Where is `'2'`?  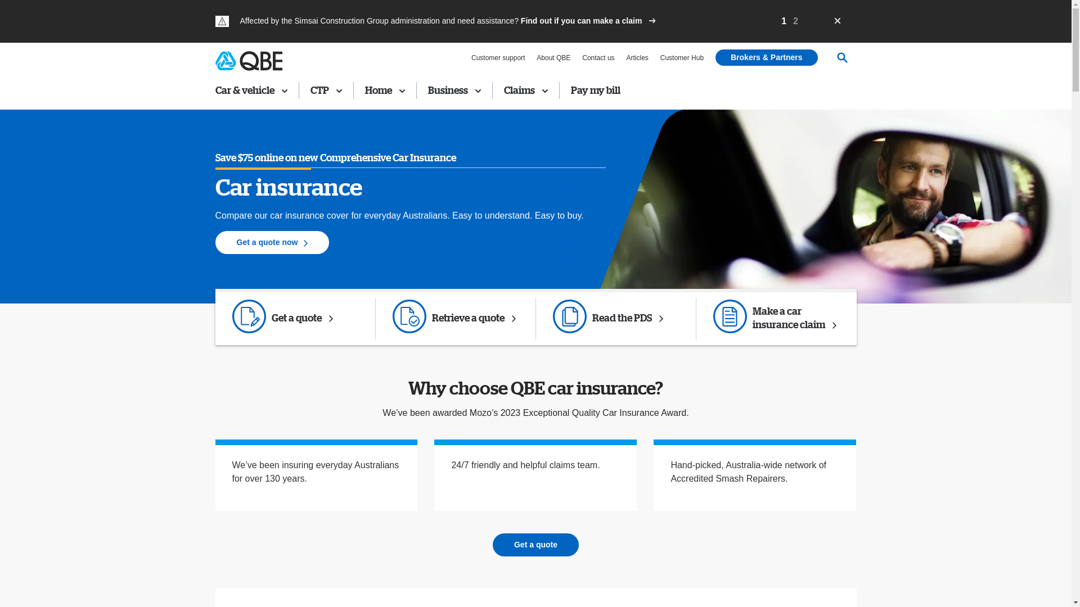
'2' is located at coordinates (795, 21).